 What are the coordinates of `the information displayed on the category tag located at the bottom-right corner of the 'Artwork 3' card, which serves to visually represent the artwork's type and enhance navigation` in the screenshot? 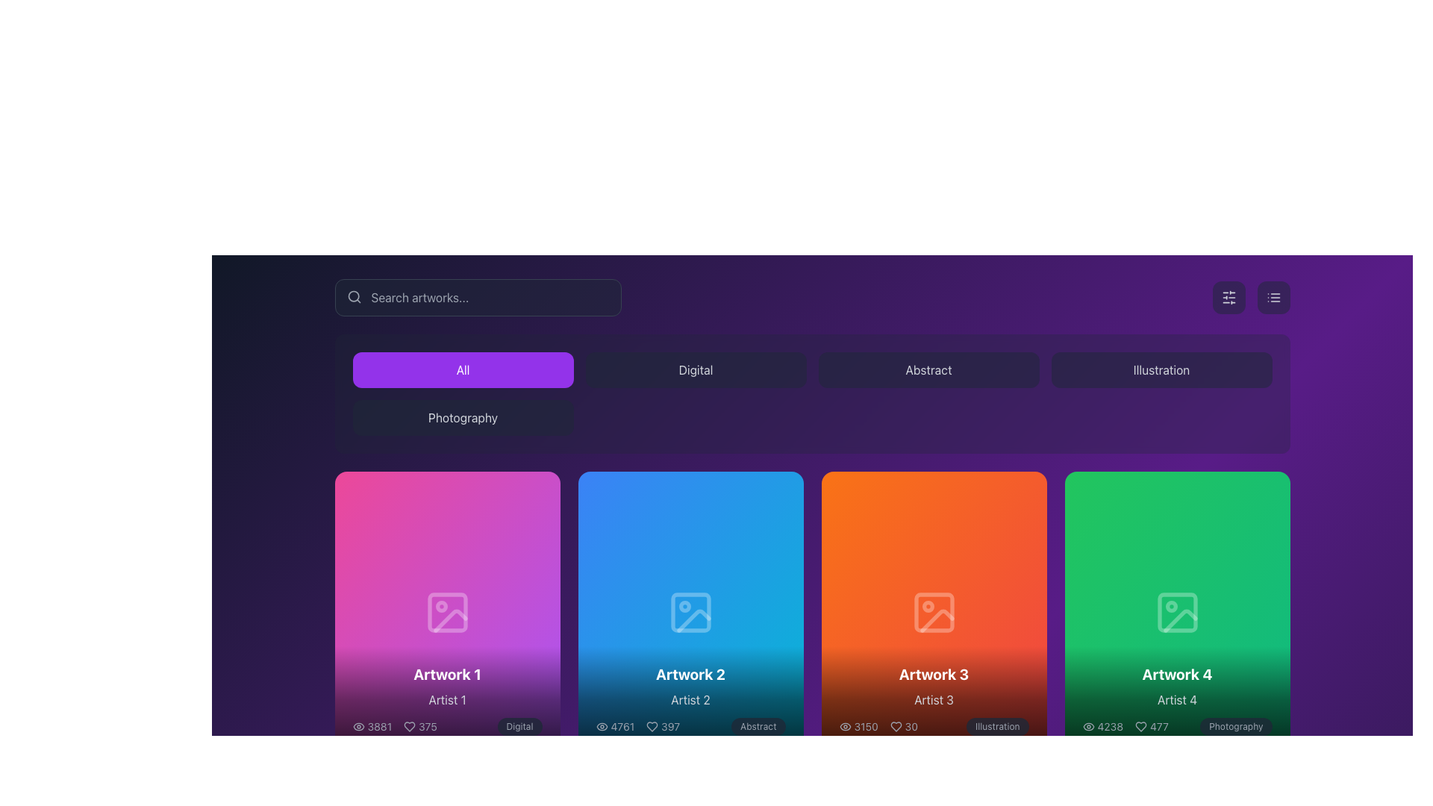 It's located at (997, 725).